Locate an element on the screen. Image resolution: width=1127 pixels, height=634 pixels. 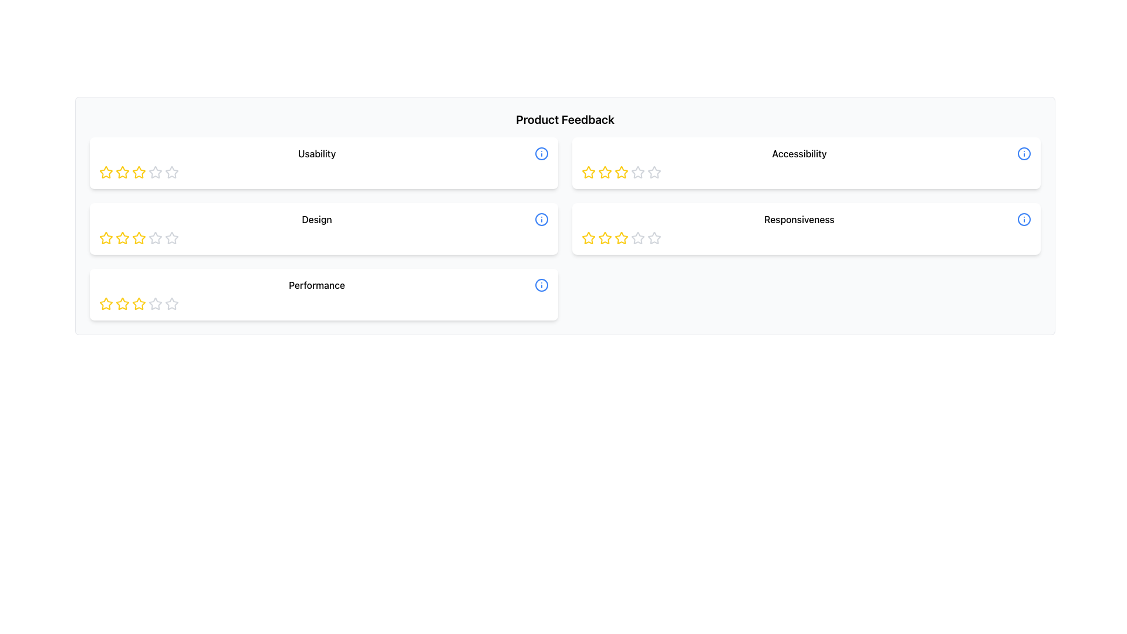
the first star in the five-star rating component in the Usability feedback section is located at coordinates (106, 172).